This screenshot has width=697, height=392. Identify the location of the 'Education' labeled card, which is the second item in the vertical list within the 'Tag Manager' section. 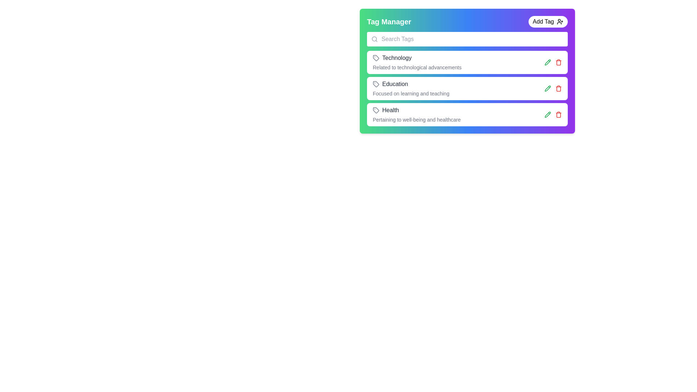
(467, 88).